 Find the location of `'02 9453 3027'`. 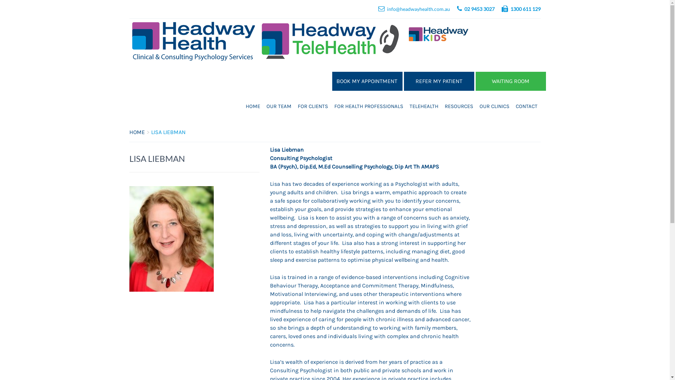

'02 9453 3027' is located at coordinates (479, 9).